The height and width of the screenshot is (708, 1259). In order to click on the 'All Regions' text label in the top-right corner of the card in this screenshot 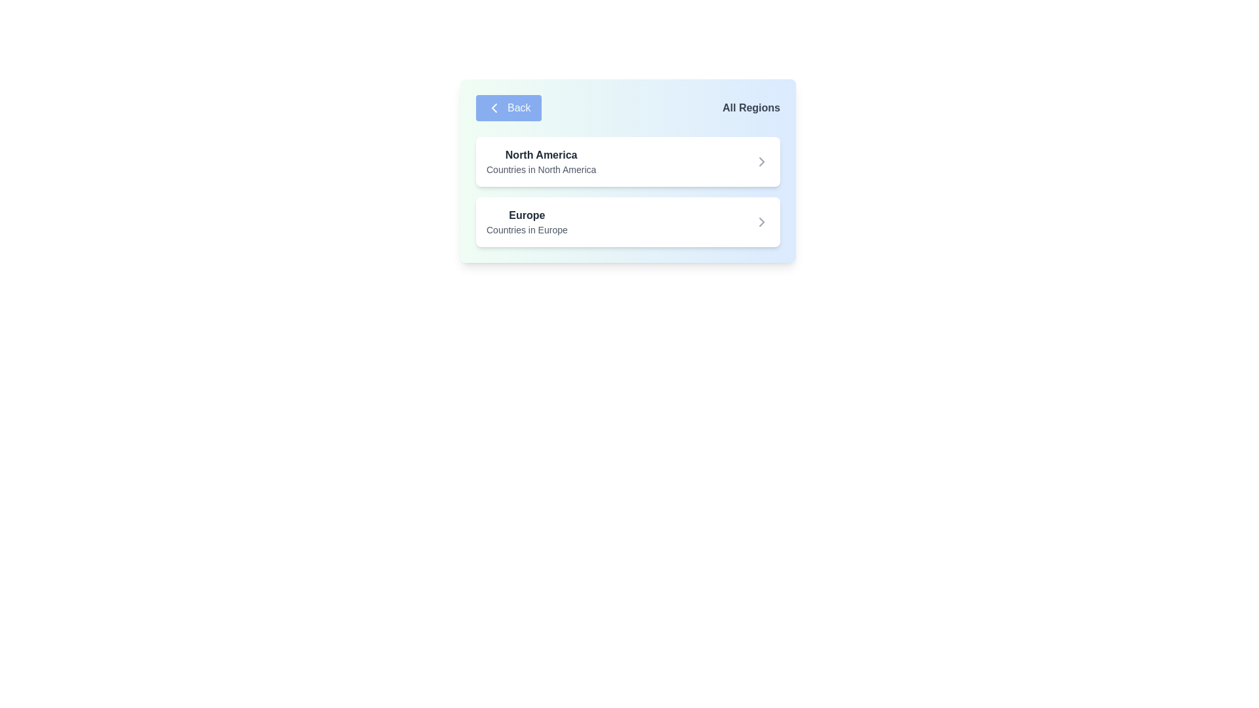, I will do `click(751, 108)`.